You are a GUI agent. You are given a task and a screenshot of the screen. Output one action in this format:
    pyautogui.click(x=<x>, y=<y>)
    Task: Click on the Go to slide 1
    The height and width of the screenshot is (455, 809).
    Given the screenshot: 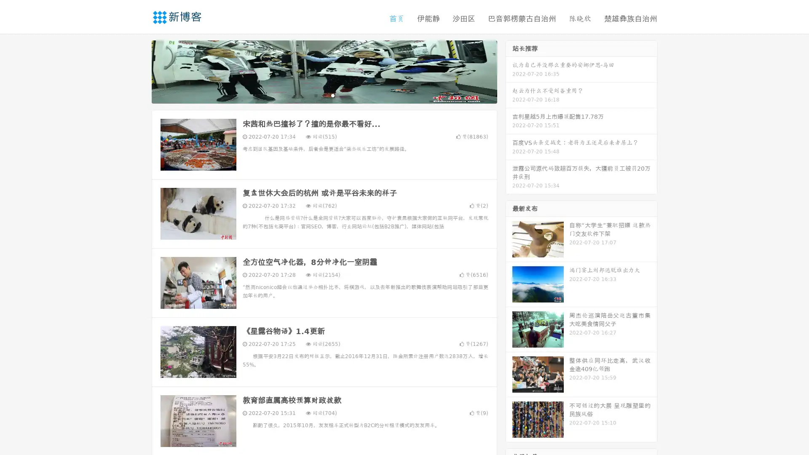 What is the action you would take?
    pyautogui.click(x=315, y=95)
    